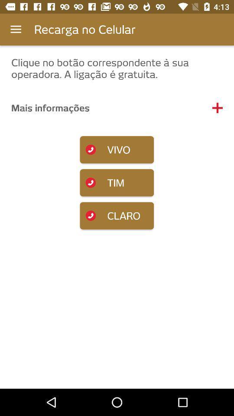  I want to click on the icon above the claro, so click(117, 182).